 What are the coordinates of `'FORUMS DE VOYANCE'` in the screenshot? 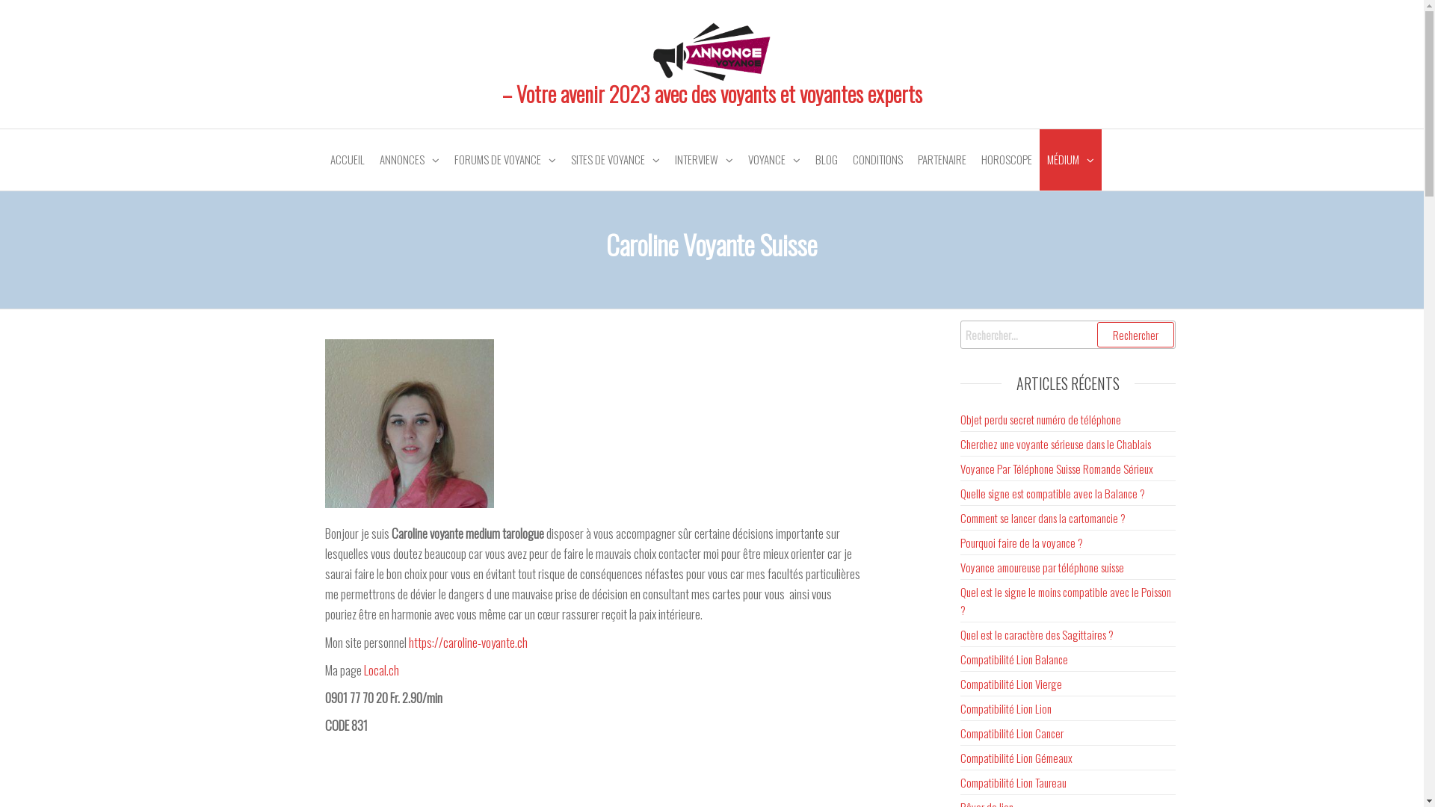 It's located at (505, 159).